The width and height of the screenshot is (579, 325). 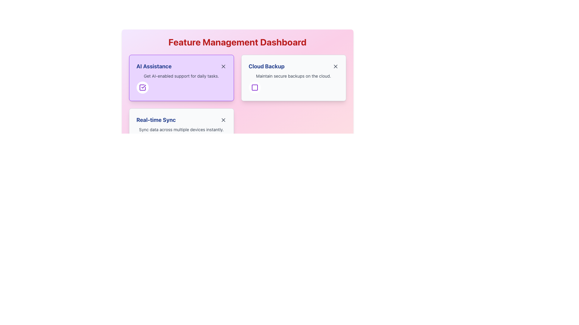 What do you see at coordinates (223, 120) in the screenshot?
I see `the cross icon located in the top right corner of the 'Real-time Sync' panel` at bounding box center [223, 120].